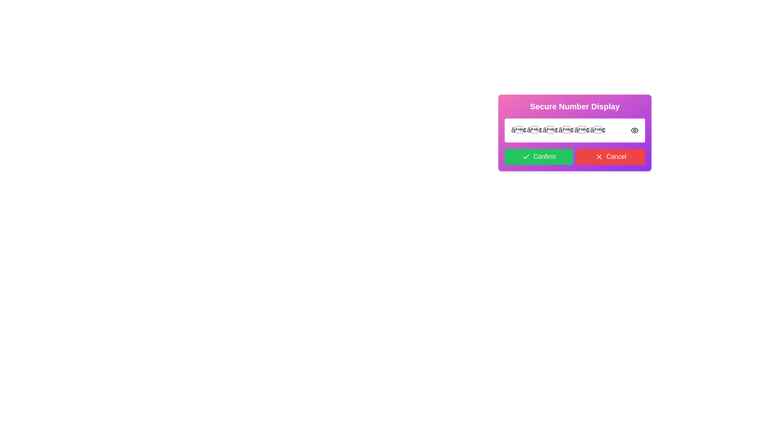  Describe the element at coordinates (526, 157) in the screenshot. I see `the green checkmark icon located to the left of the 'Confirm' text within the 'Confirm' button in the modal dialog` at that location.